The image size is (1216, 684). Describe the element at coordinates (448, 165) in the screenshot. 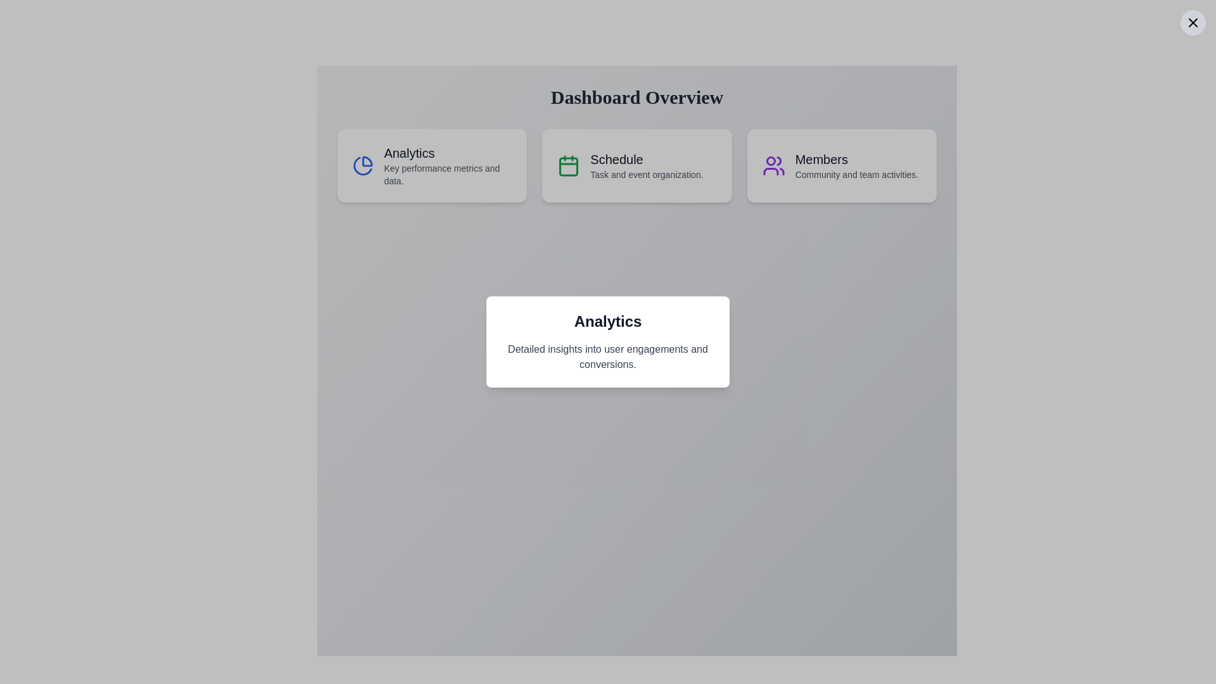

I see `the static text content element that conveys key analytics metrics in the dashboard overview` at that location.